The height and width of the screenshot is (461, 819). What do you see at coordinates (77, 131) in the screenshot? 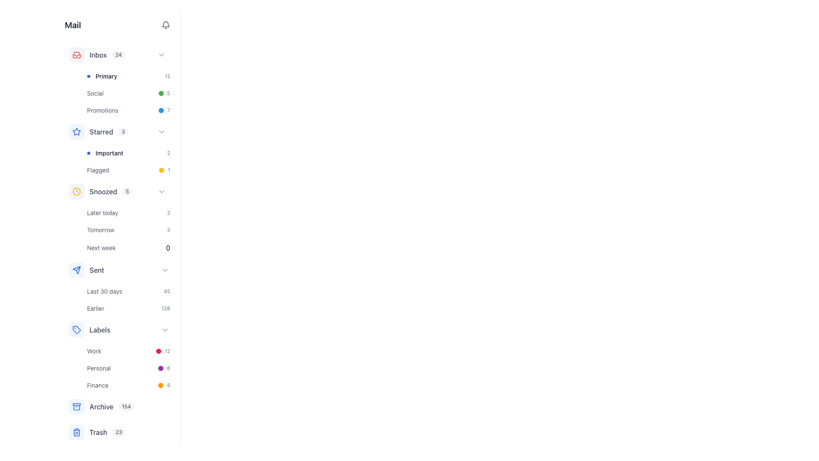
I see `the star-shaped icon with a blue outline located in the sidebar navigation menu, next to the 'Starred' label` at bounding box center [77, 131].